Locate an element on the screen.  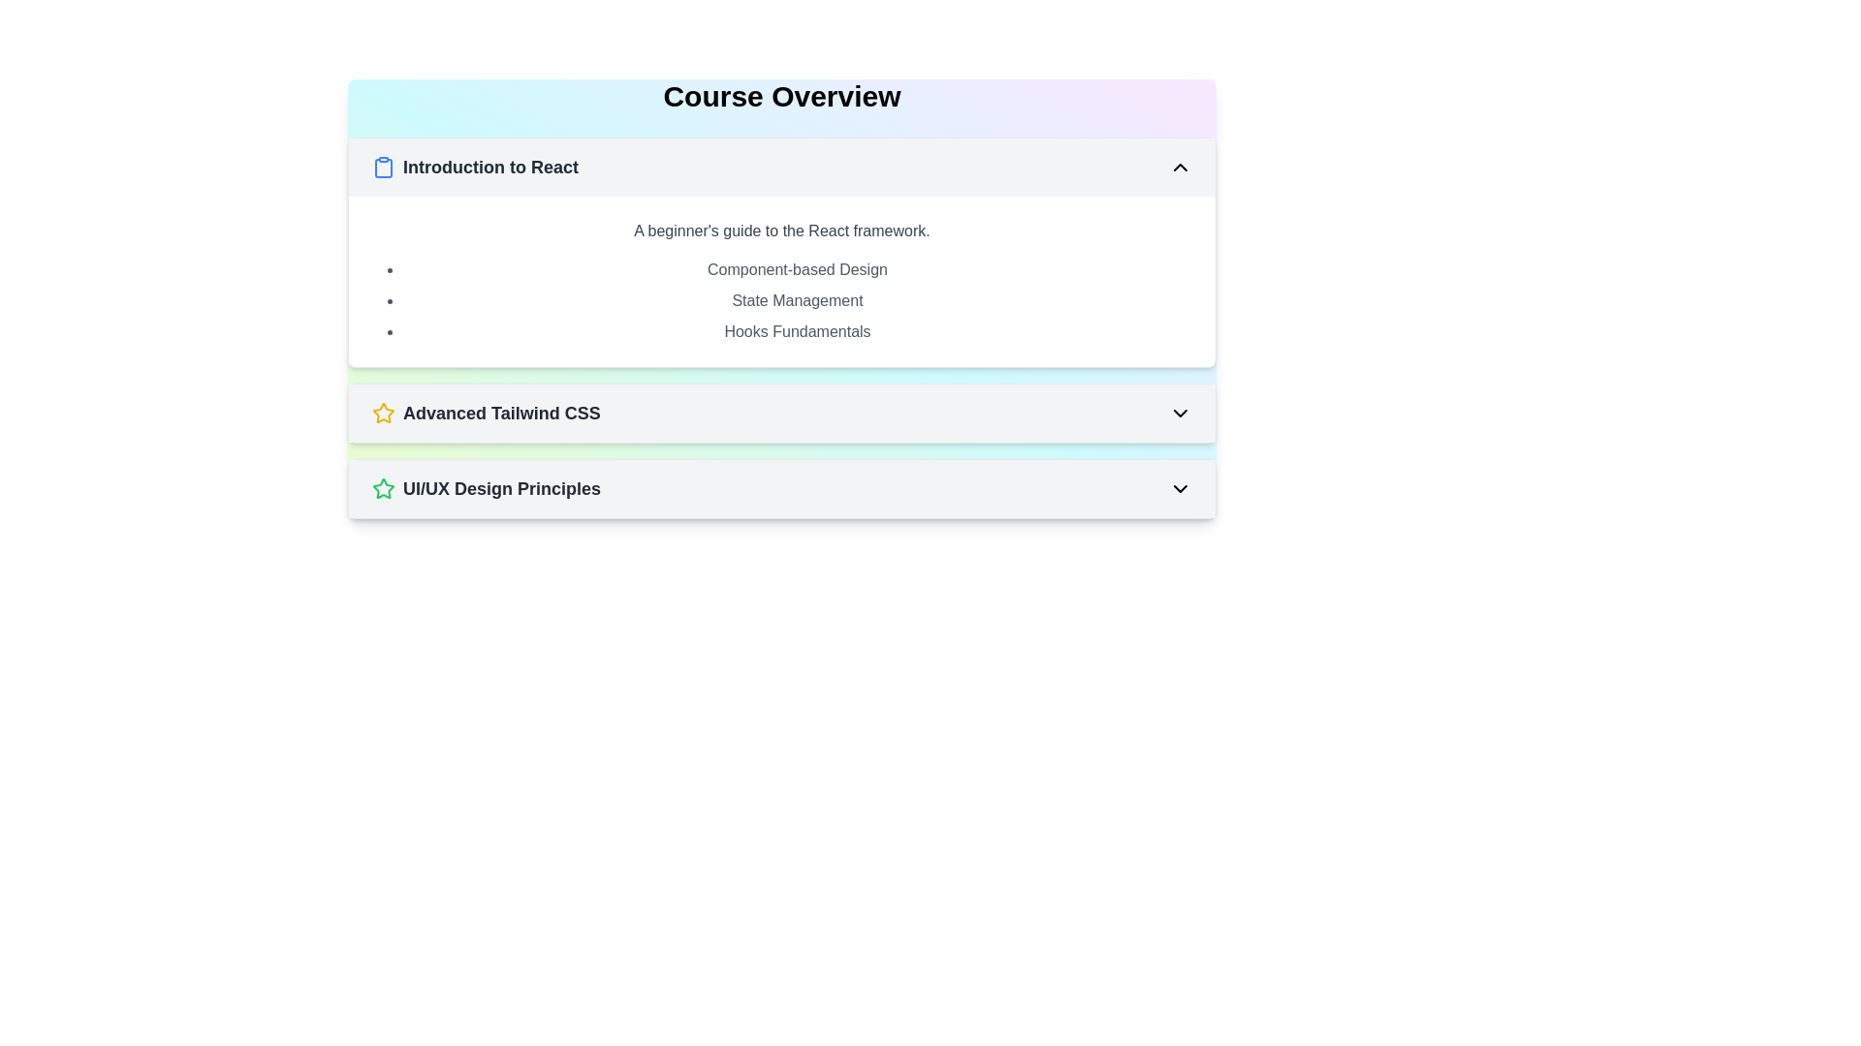
the downward-pointing chevron icon on the far right side of the 'Advanced Tailwind CSS' section is located at coordinates (1180, 413).